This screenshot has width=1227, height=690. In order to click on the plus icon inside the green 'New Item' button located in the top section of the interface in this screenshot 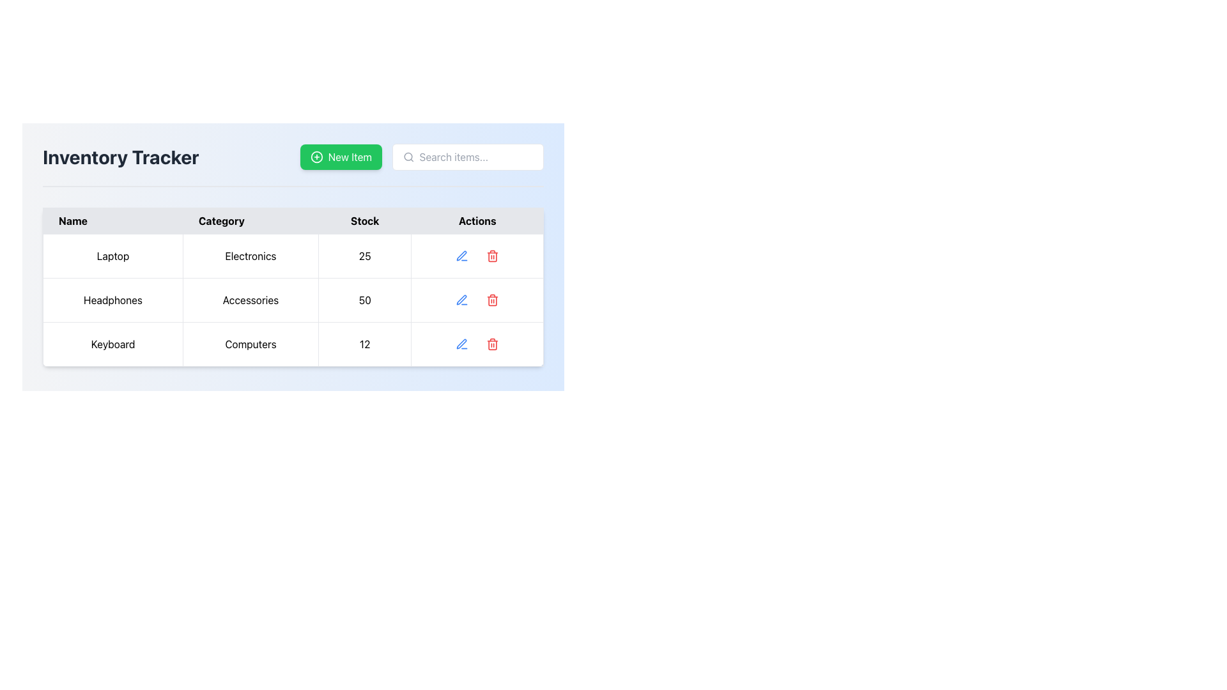, I will do `click(316, 157)`.